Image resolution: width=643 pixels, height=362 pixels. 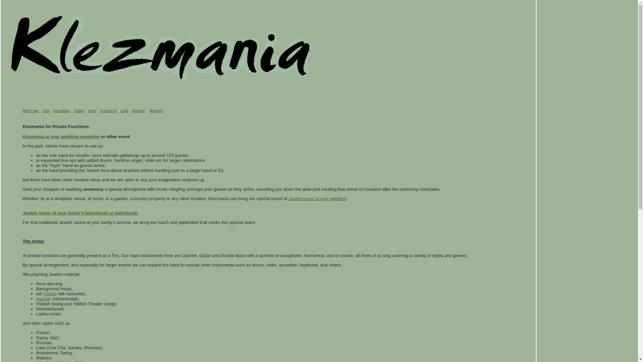 What do you see at coordinates (61, 110) in the screenshot?
I see `'Recordings'` at bounding box center [61, 110].